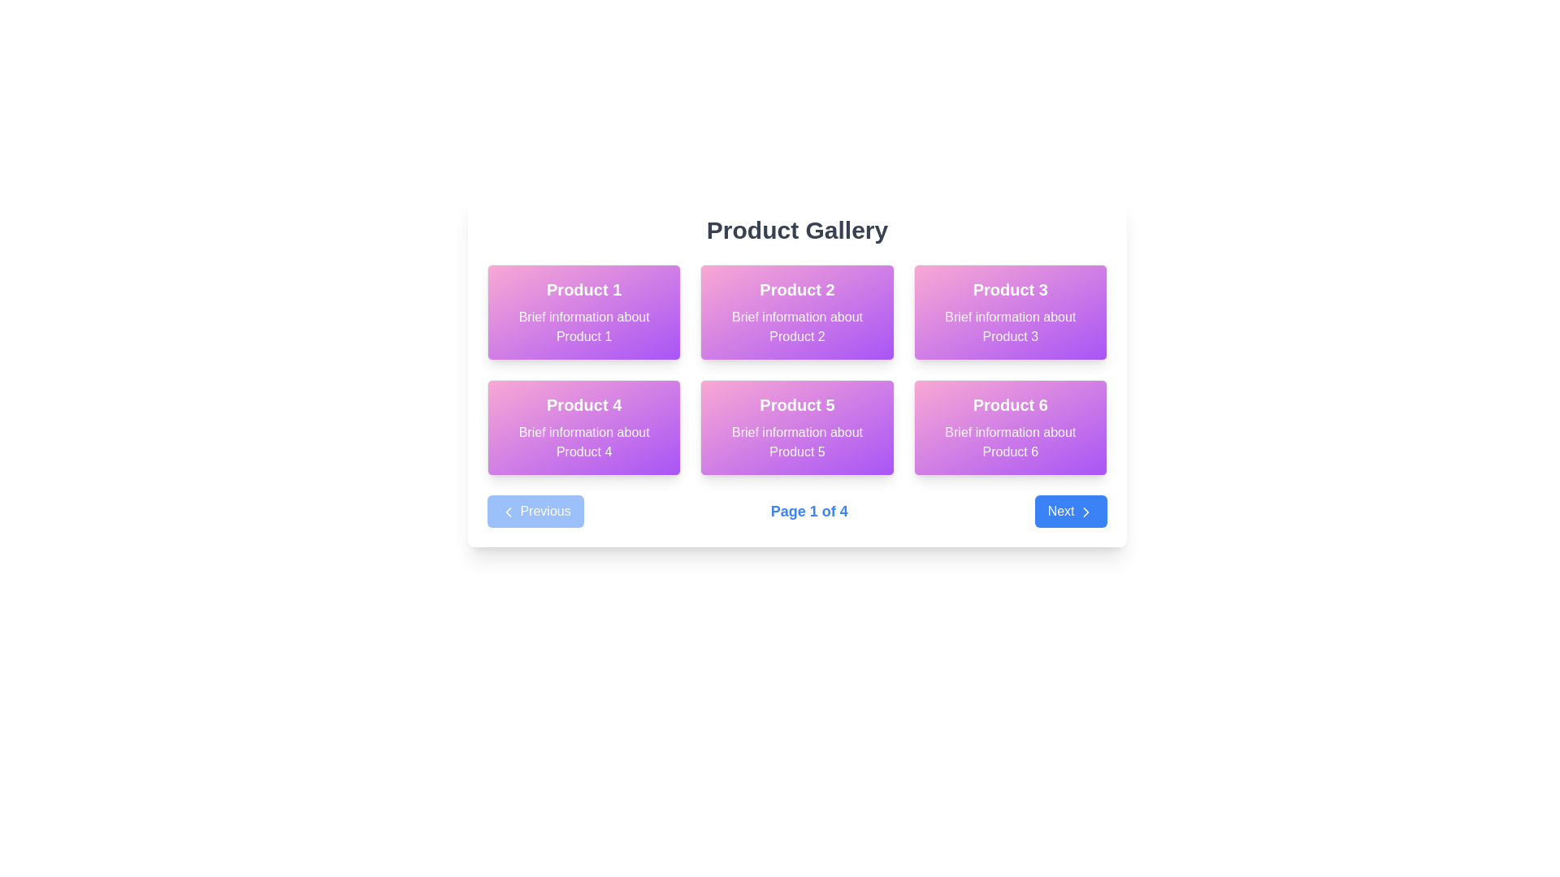  I want to click on the bold text label 'Product 1' located in the first cell of the 2x3 grid in the 'Product Gallery' section, so click(584, 289).